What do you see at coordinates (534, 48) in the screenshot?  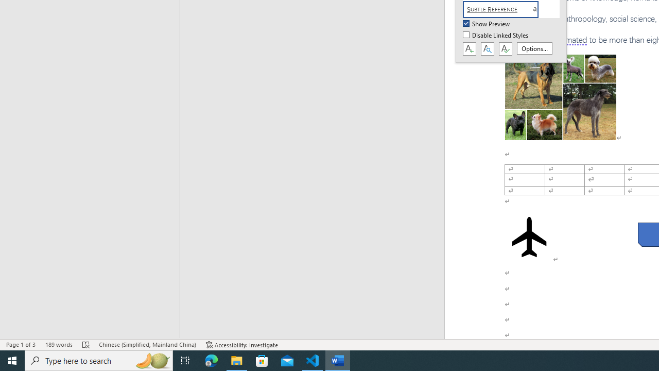 I see `'Options...'` at bounding box center [534, 48].